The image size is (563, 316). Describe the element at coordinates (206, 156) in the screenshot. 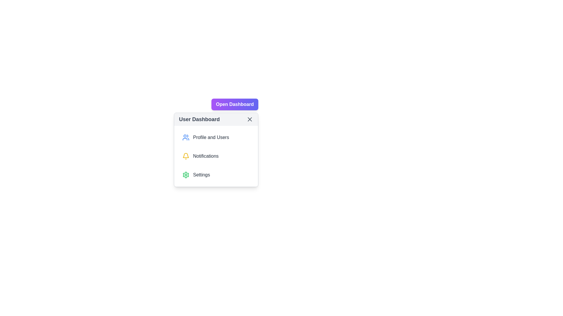

I see `the 'Notifications' text label in the user dashboard` at that location.